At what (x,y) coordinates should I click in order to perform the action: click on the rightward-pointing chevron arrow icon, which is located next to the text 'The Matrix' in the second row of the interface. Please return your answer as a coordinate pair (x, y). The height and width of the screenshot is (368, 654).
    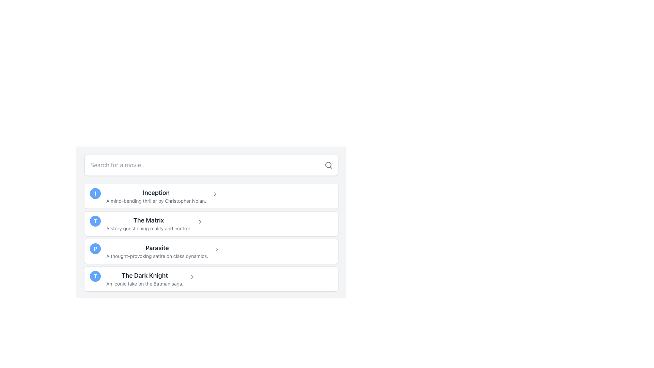
    Looking at the image, I should click on (200, 222).